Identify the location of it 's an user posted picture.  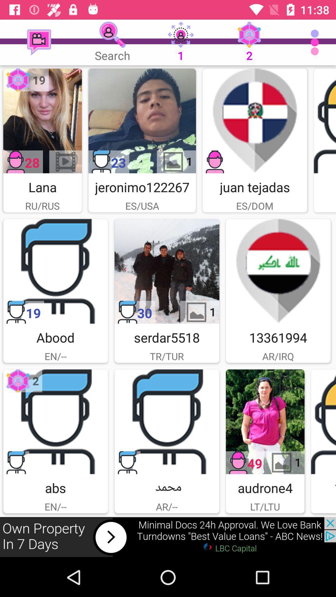
(324, 121).